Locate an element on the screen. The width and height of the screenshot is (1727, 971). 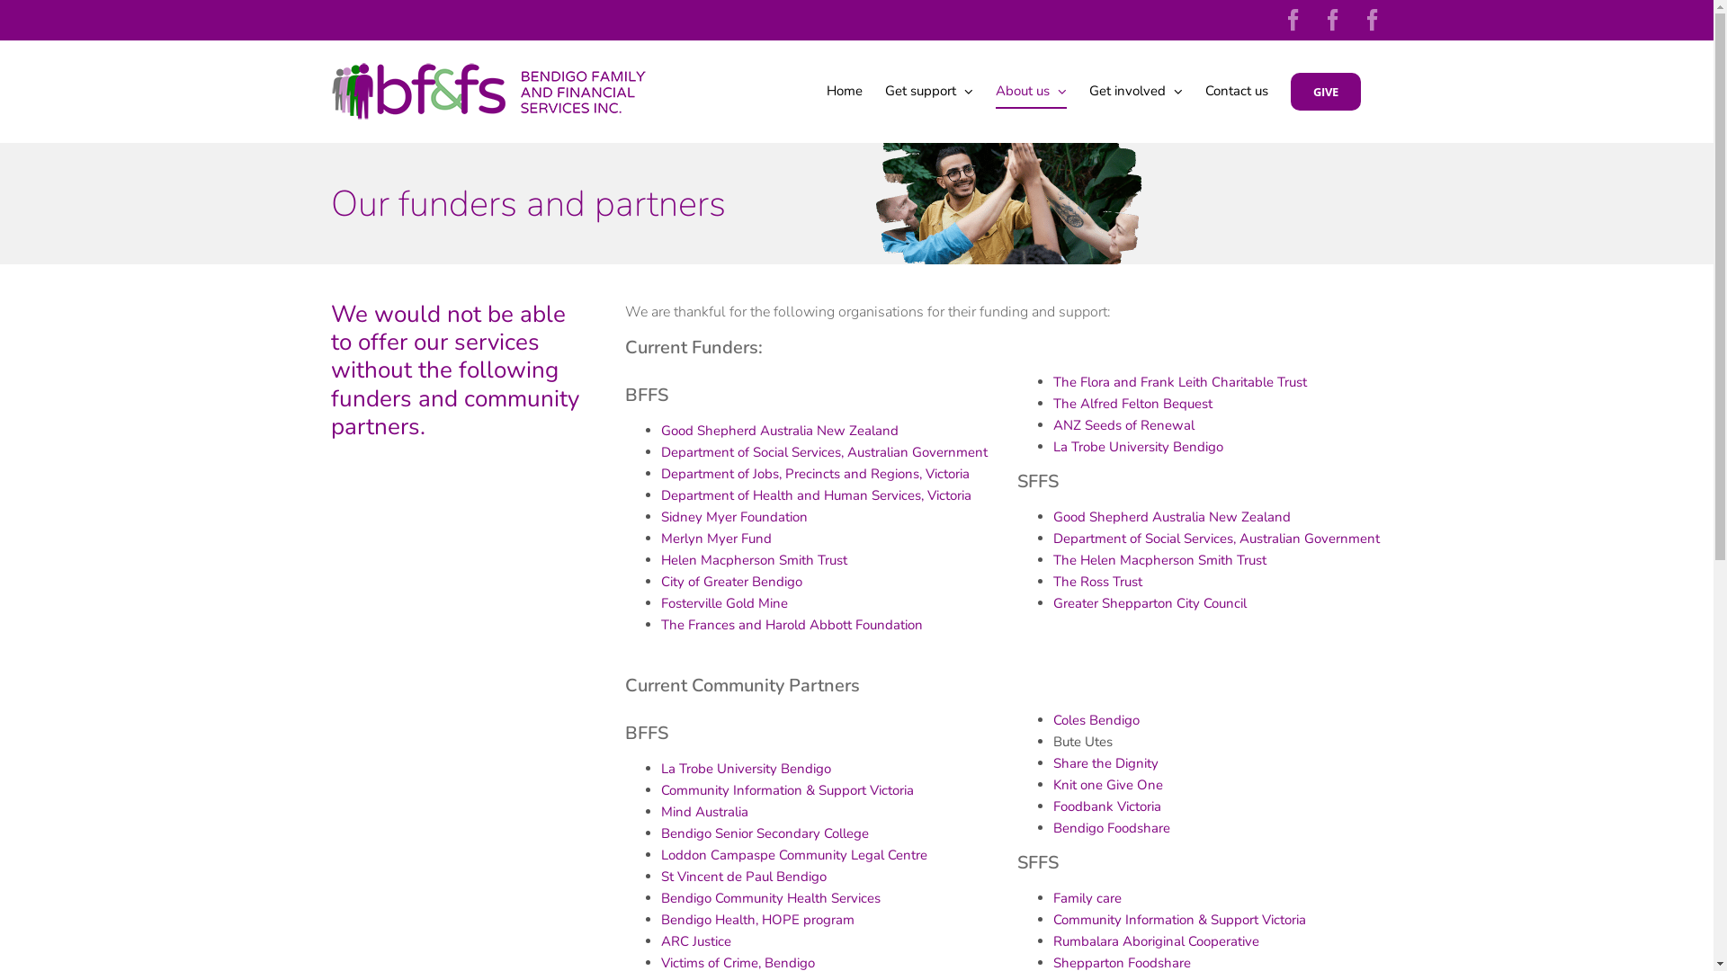
'Fosterville Gold Mine' is located at coordinates (659, 603).